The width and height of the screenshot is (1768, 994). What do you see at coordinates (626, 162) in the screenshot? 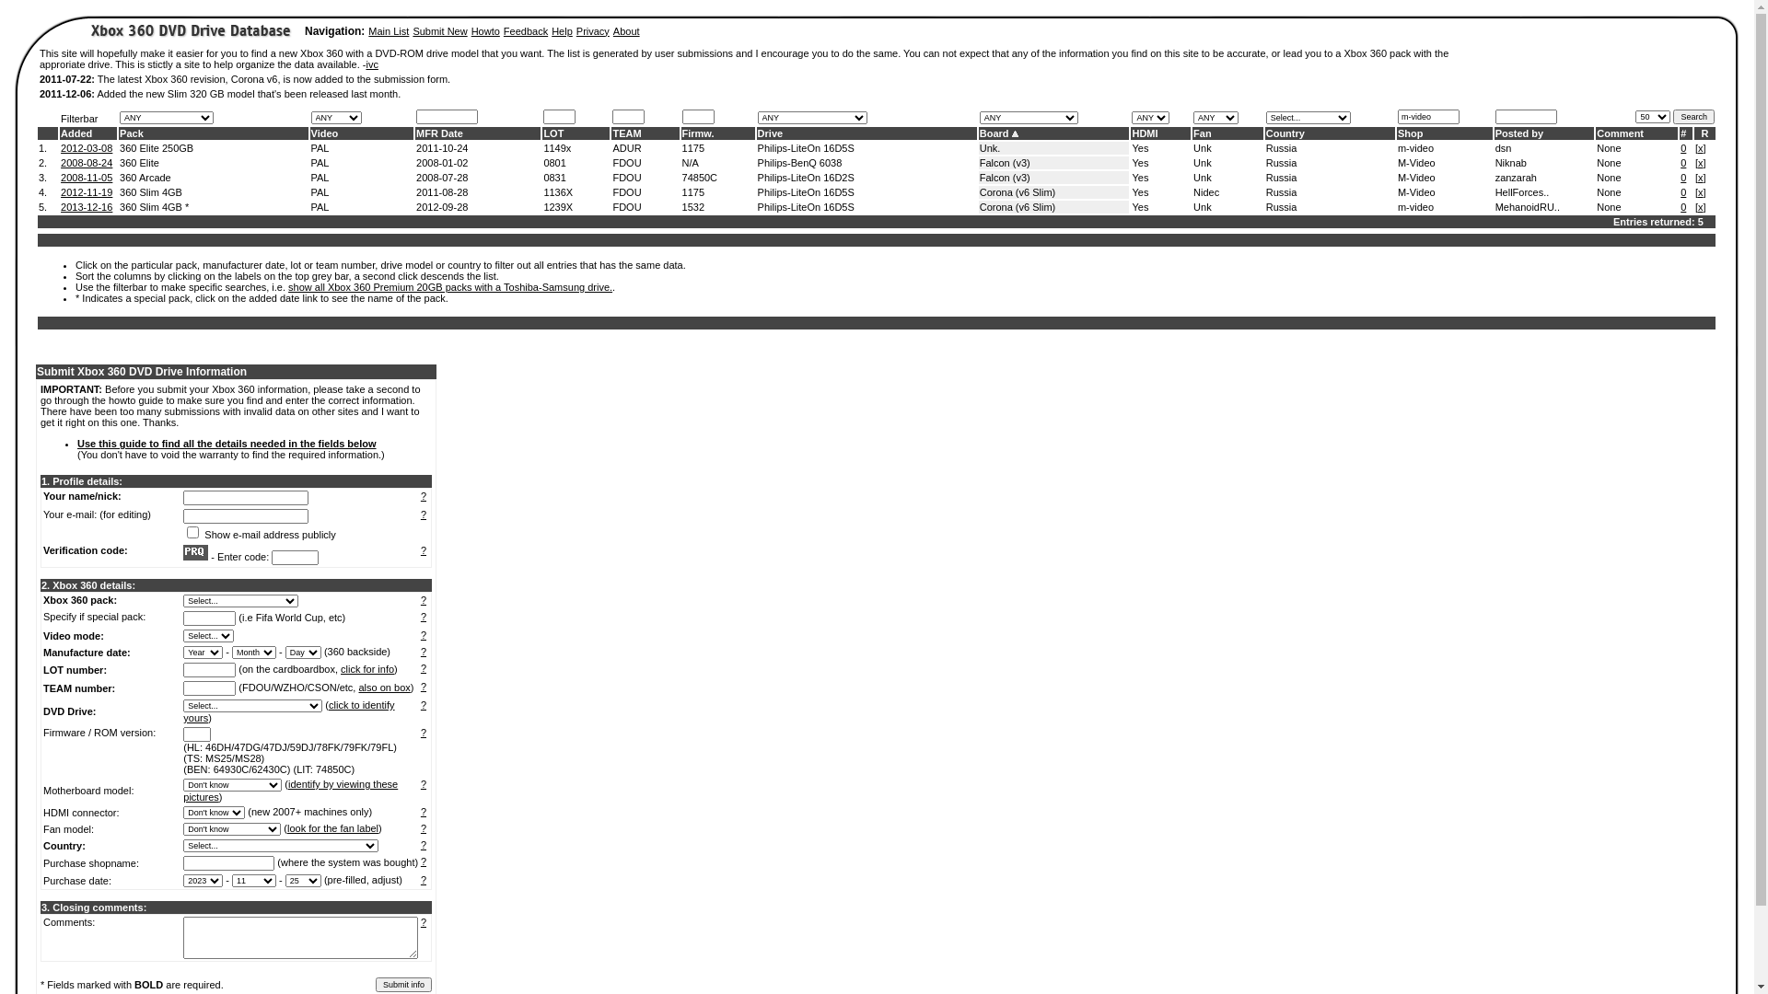
I see `'FDOU'` at bounding box center [626, 162].